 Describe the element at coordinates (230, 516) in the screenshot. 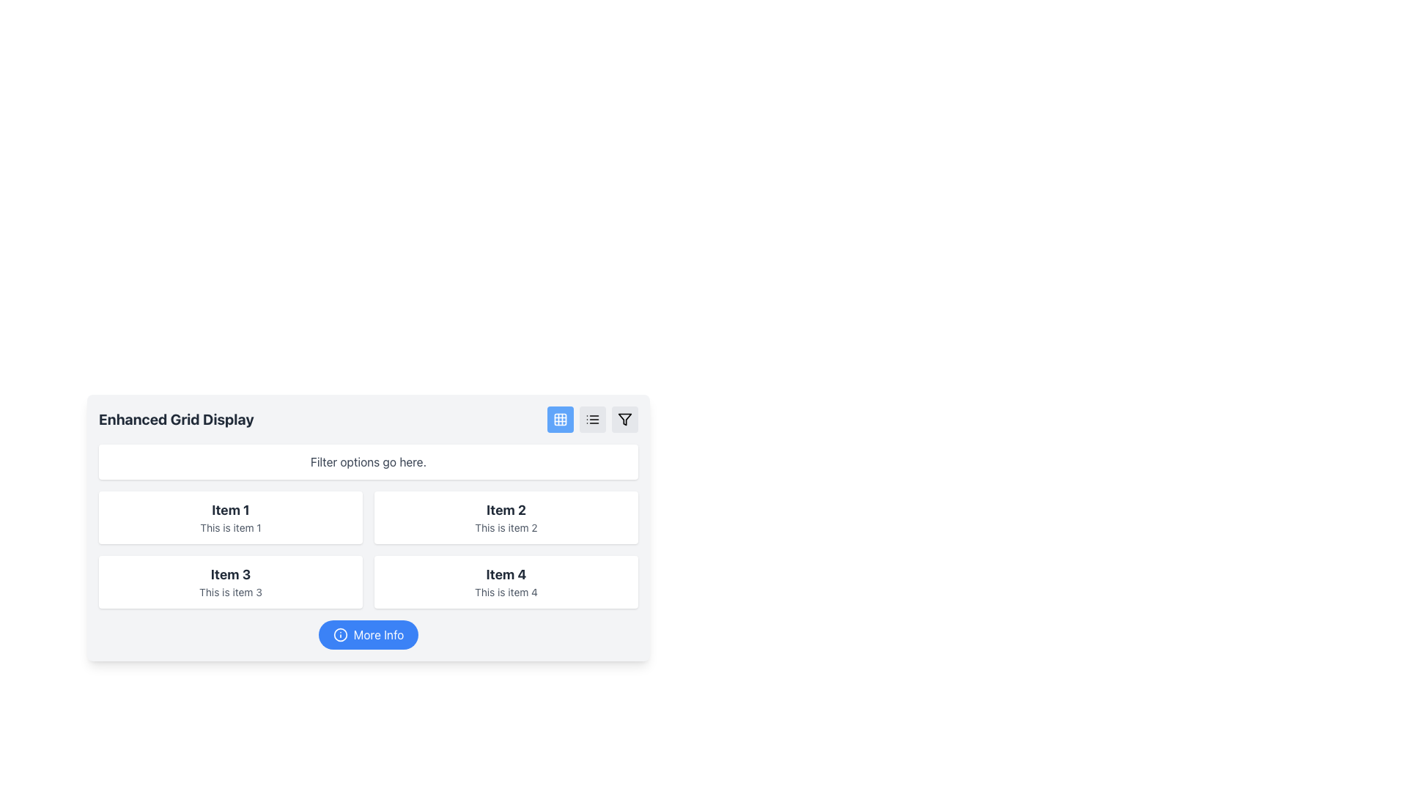

I see `the Card located in the top-left corner of the grid layout` at that location.